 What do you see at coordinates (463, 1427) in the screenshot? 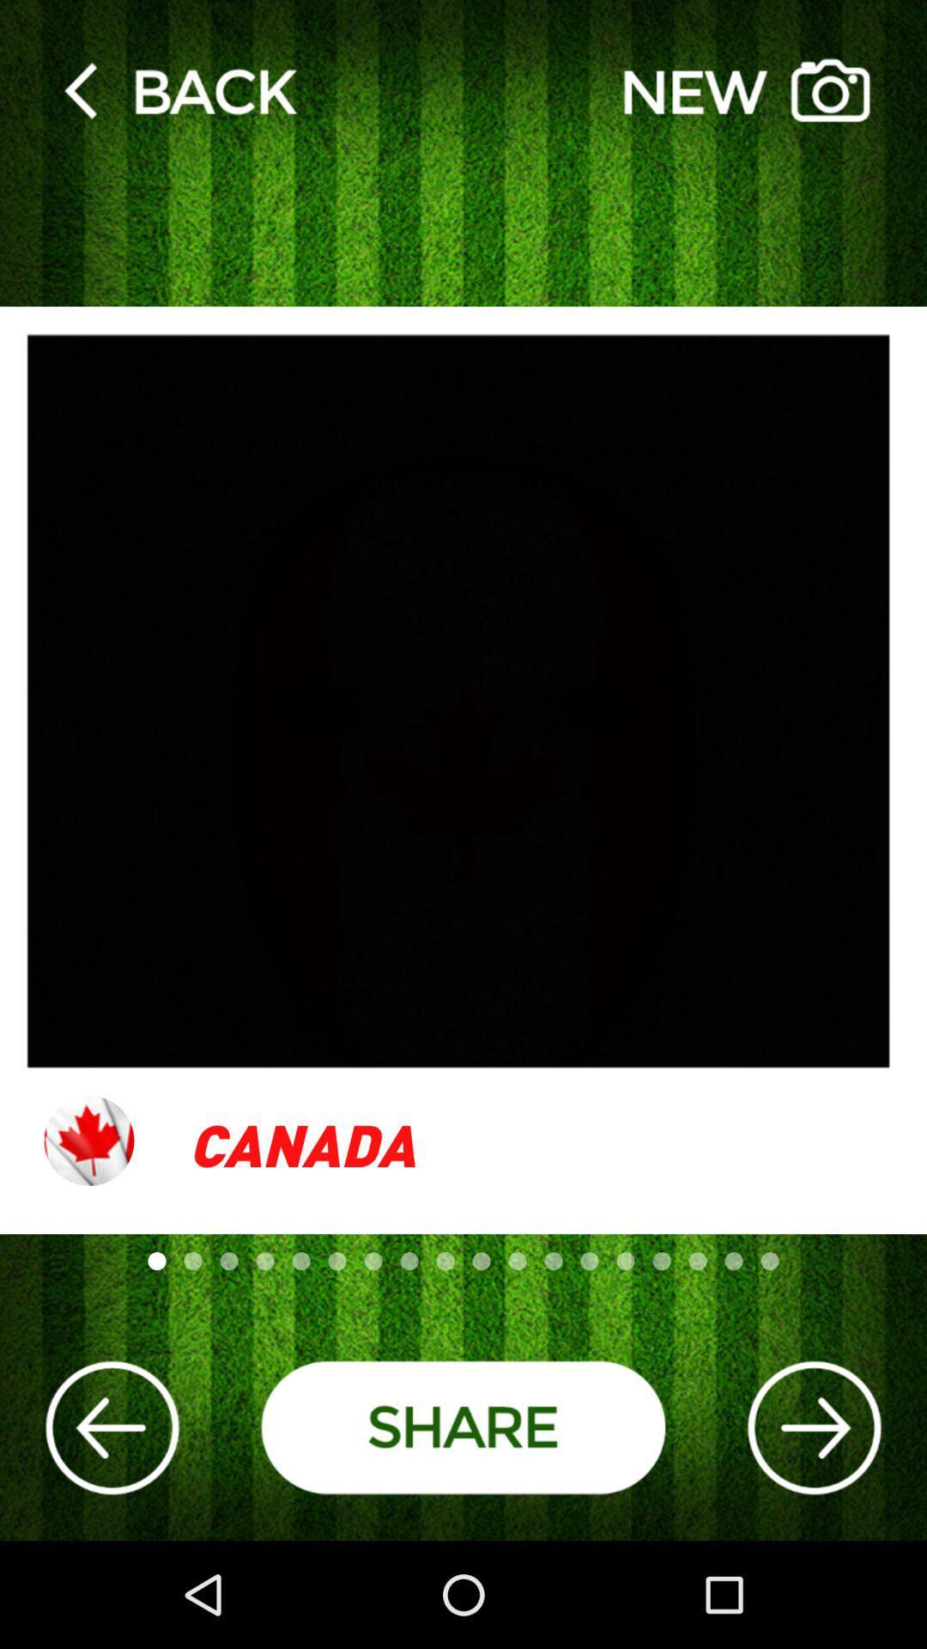
I see `share` at bounding box center [463, 1427].